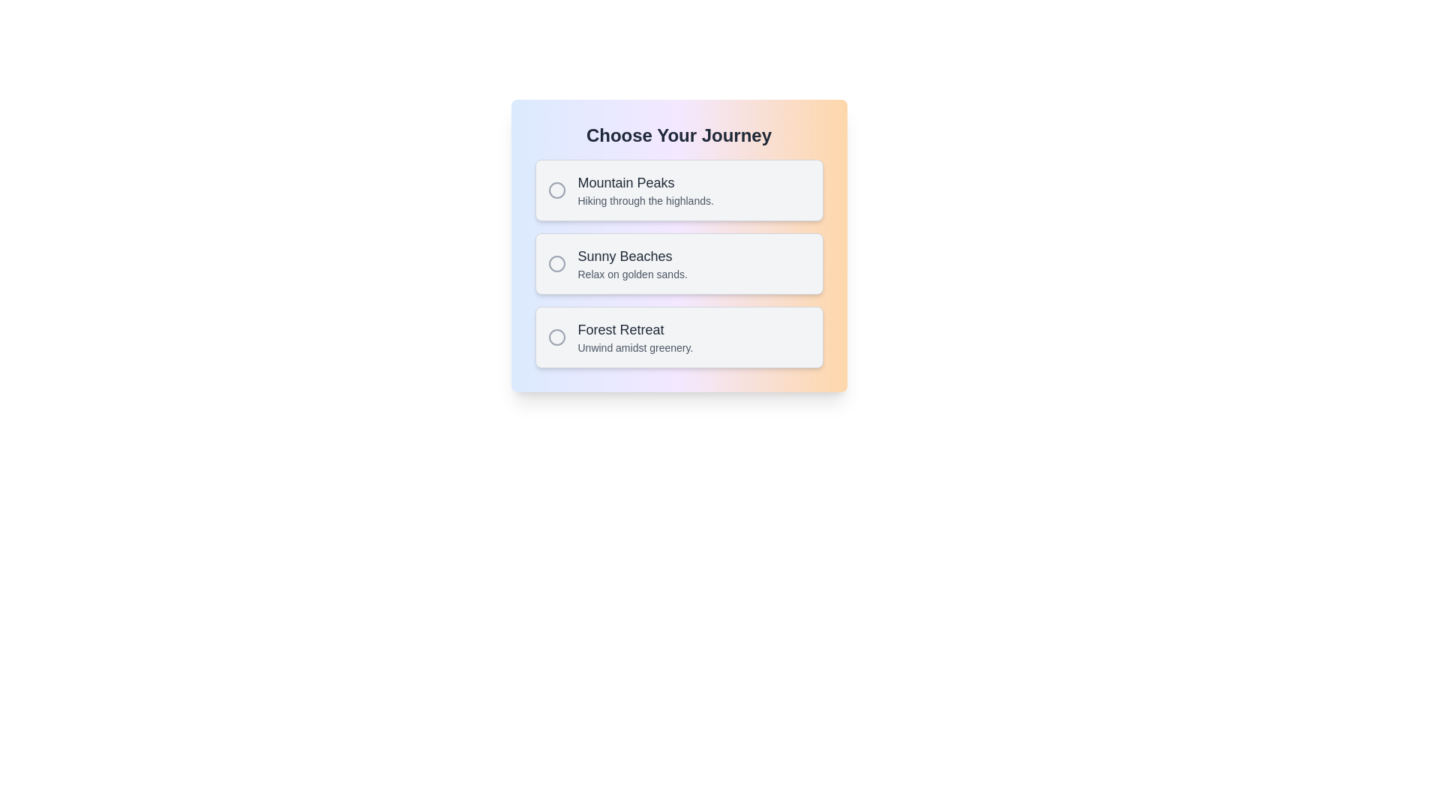 The width and height of the screenshot is (1440, 810). I want to click on the circular gray icon located, so click(556, 337).